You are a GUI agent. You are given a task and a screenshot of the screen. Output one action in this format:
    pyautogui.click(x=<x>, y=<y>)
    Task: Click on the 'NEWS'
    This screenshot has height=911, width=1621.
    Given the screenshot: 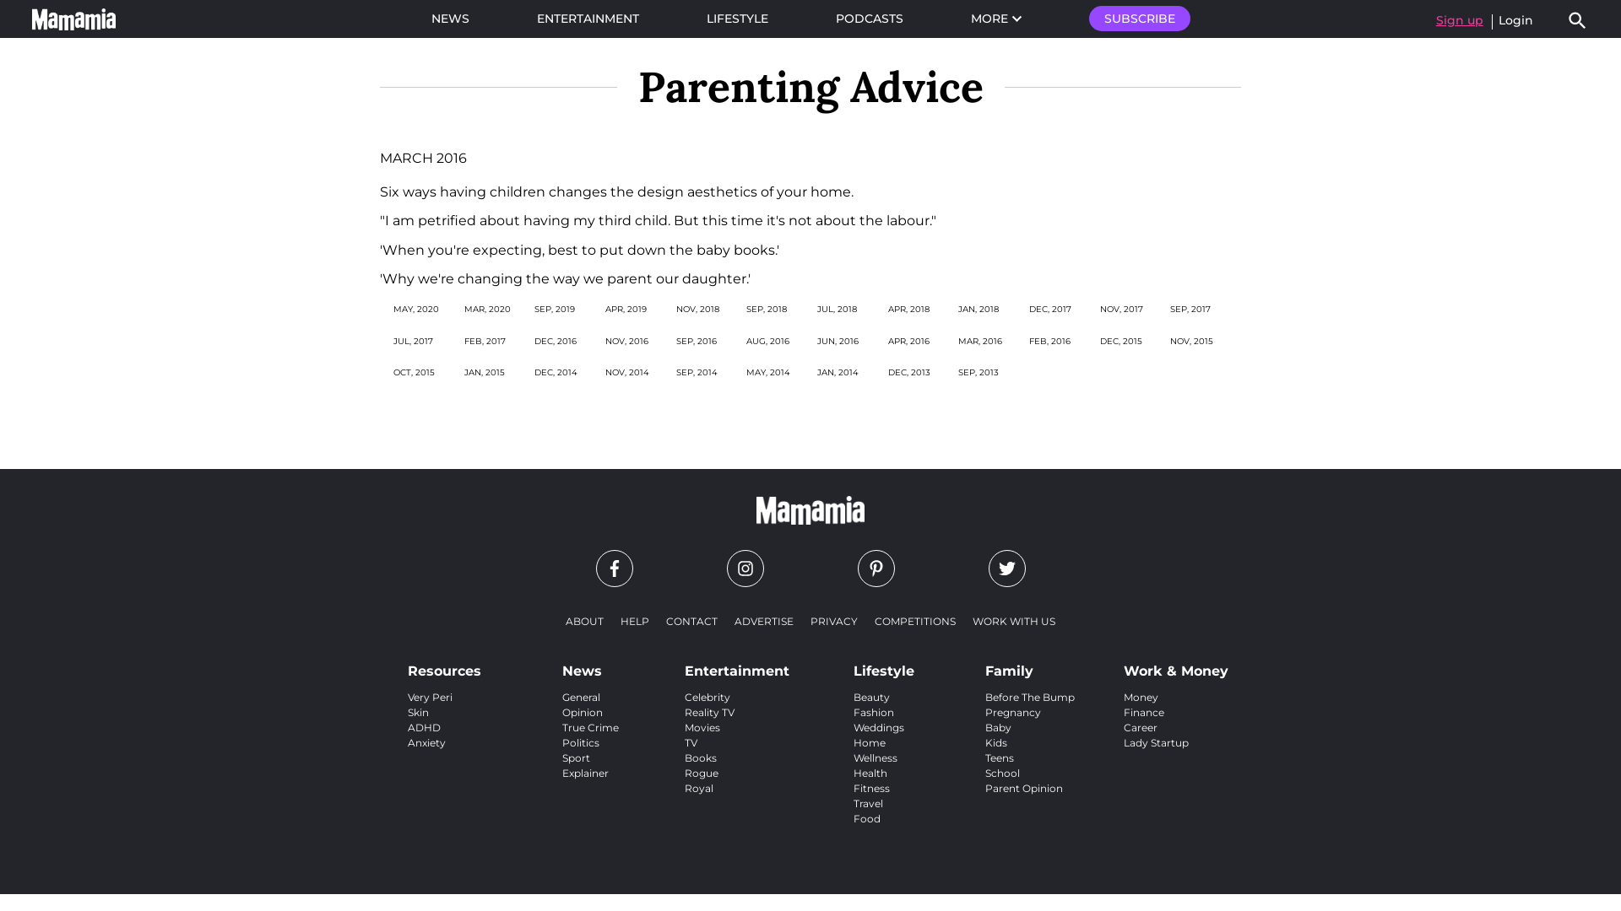 What is the action you would take?
    pyautogui.click(x=449, y=19)
    